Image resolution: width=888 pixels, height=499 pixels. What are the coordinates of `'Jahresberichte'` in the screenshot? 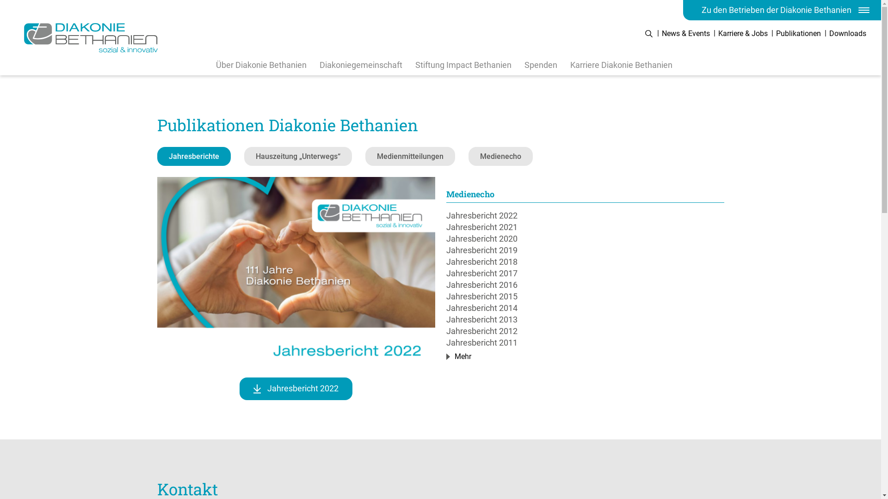 It's located at (193, 156).